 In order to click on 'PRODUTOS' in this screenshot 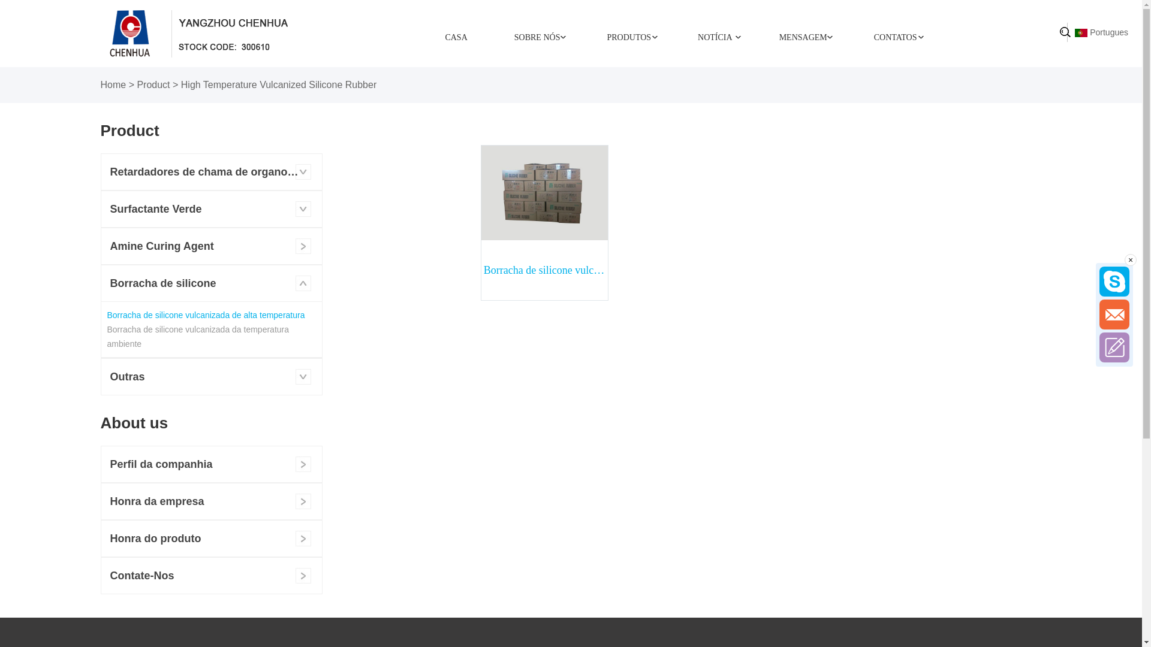, I will do `click(628, 36)`.